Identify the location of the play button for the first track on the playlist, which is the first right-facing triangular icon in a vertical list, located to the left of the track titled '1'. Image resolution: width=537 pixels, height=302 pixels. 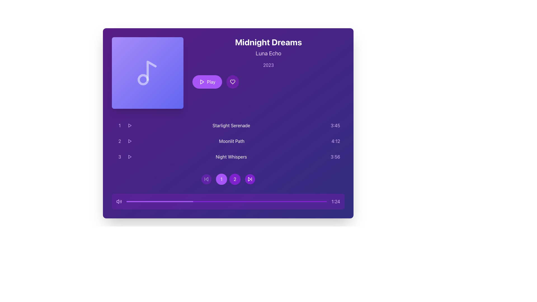
(129, 125).